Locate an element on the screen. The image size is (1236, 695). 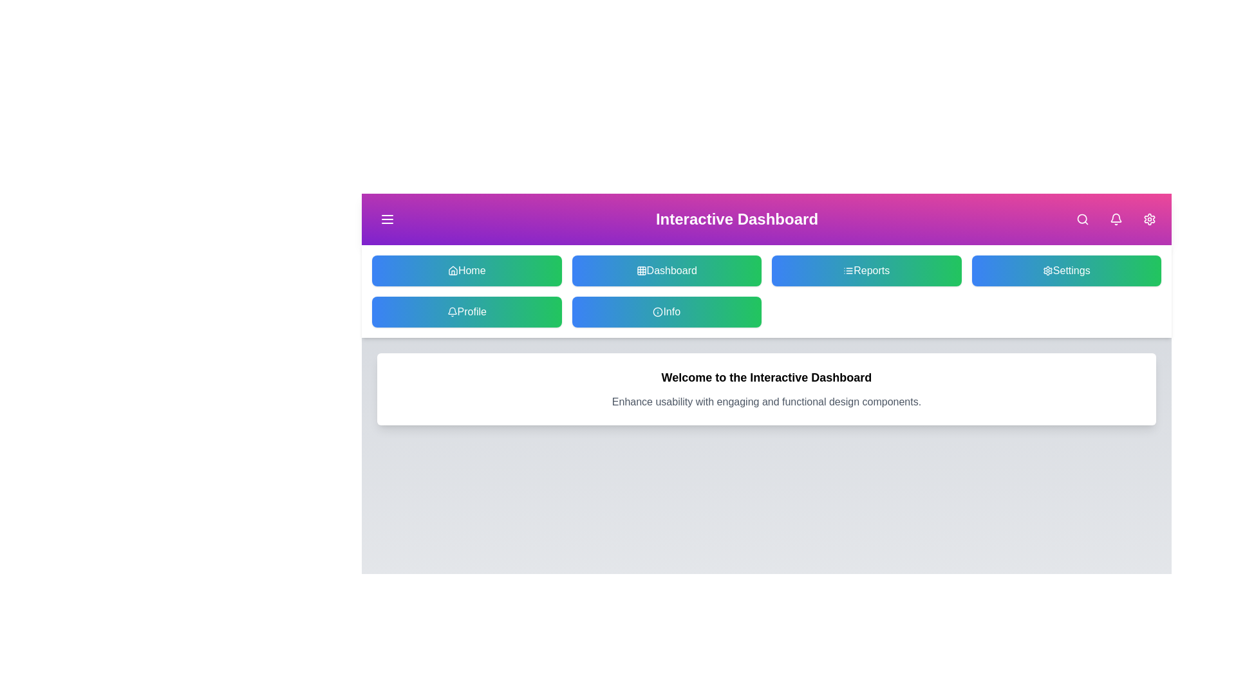
the Search button in the header navigation is located at coordinates (1081, 218).